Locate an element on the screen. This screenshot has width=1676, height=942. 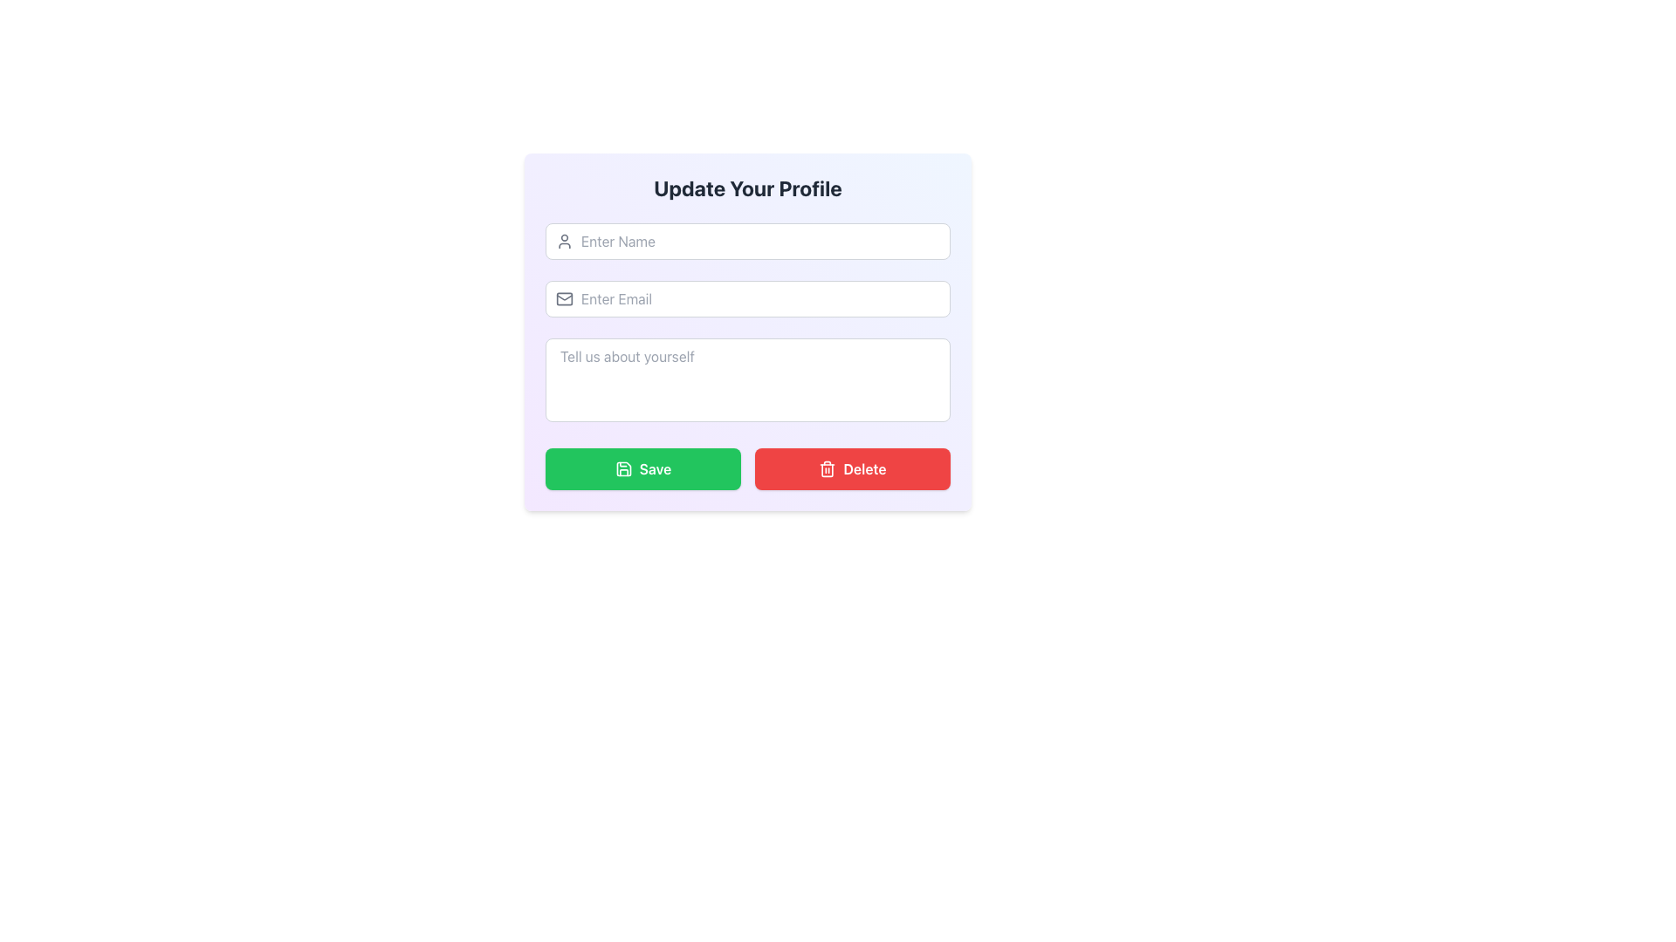
the delete icon located inside the red 'Delete' button at the bottom-right corner of the form is located at coordinates (827, 468).